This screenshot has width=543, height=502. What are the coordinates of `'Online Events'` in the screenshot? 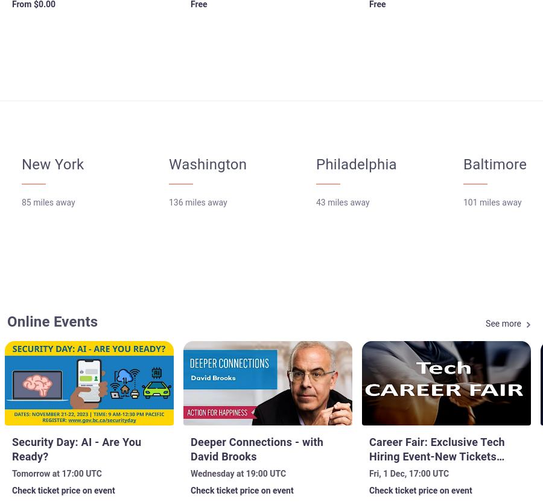 It's located at (6, 322).